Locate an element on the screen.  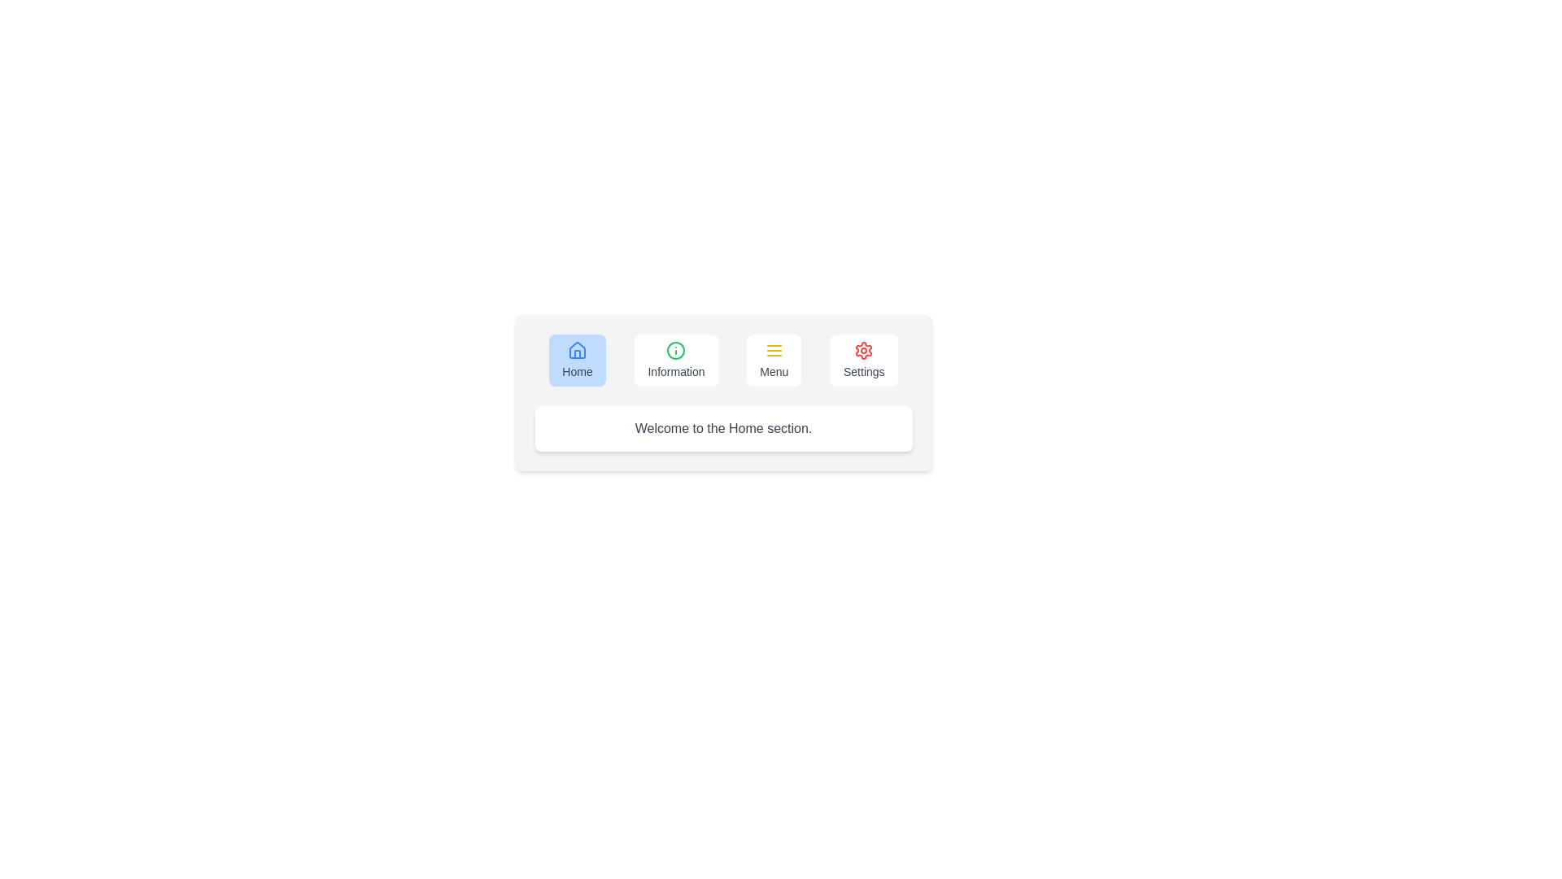
the Settings button containing the red gear icon is located at coordinates (863, 350).